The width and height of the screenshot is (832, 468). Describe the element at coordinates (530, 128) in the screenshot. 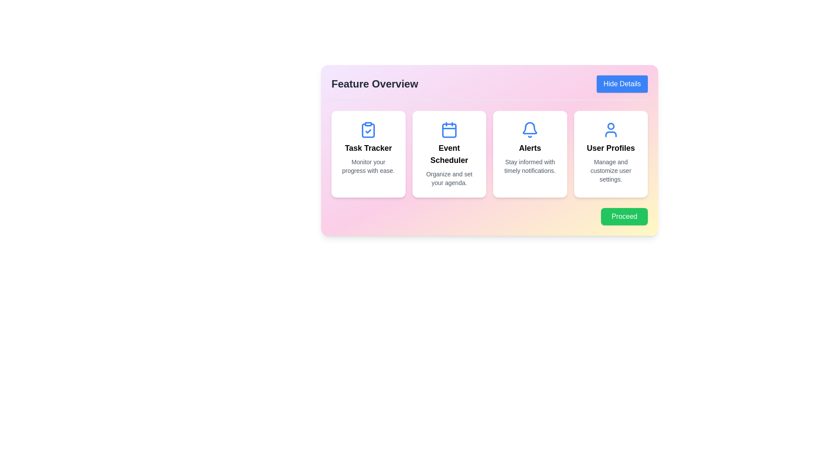

I see `the blue bell icon inside the 'Alerts' card, which is the third card in the feature overview section` at that location.